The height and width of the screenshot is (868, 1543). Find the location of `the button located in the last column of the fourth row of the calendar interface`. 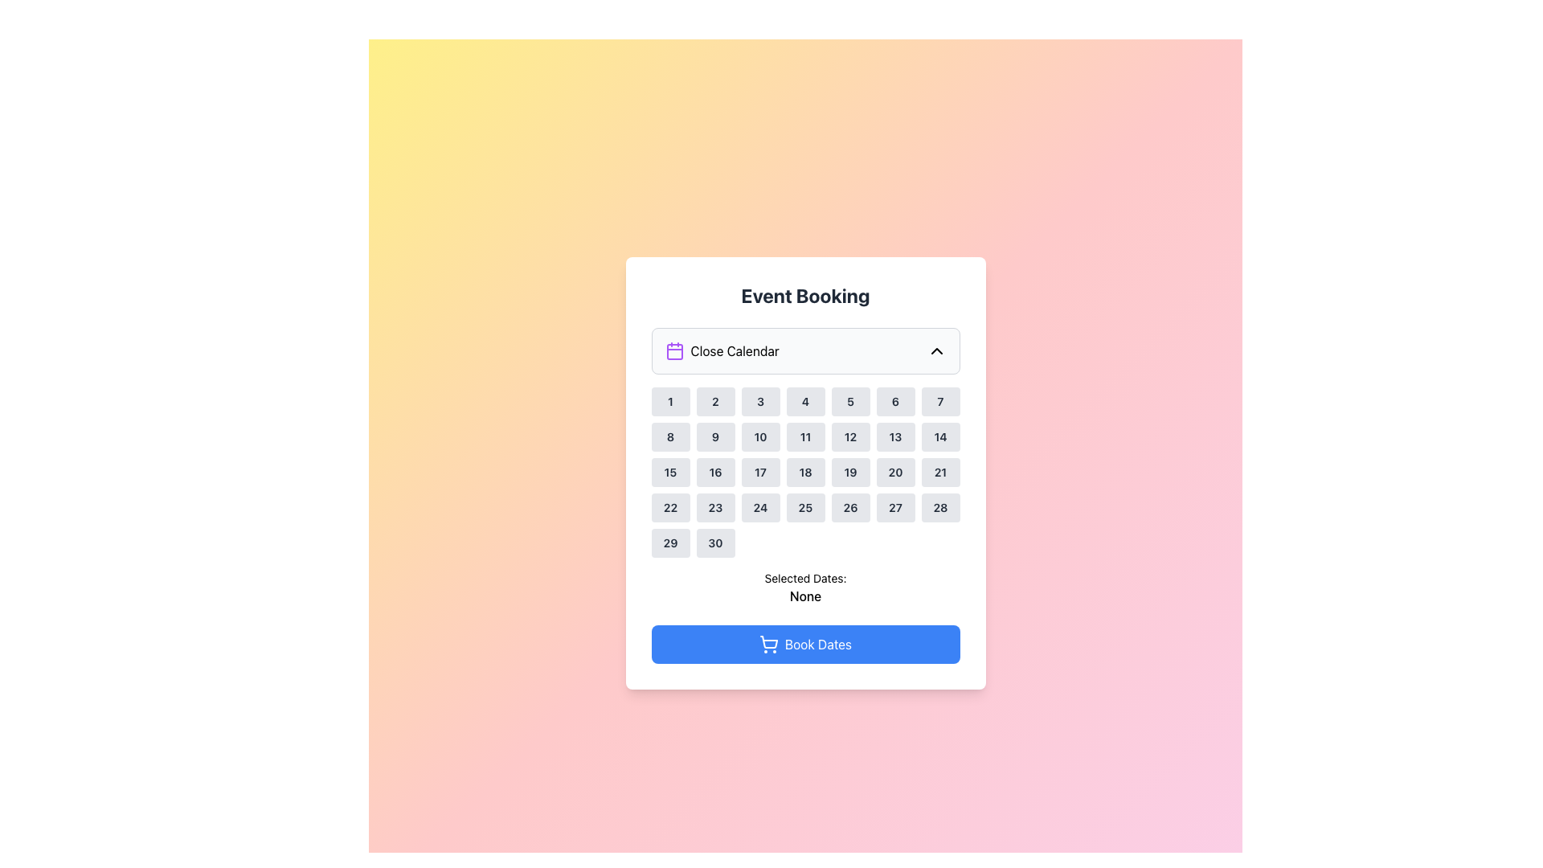

the button located in the last column of the fourth row of the calendar interface is located at coordinates (940, 508).